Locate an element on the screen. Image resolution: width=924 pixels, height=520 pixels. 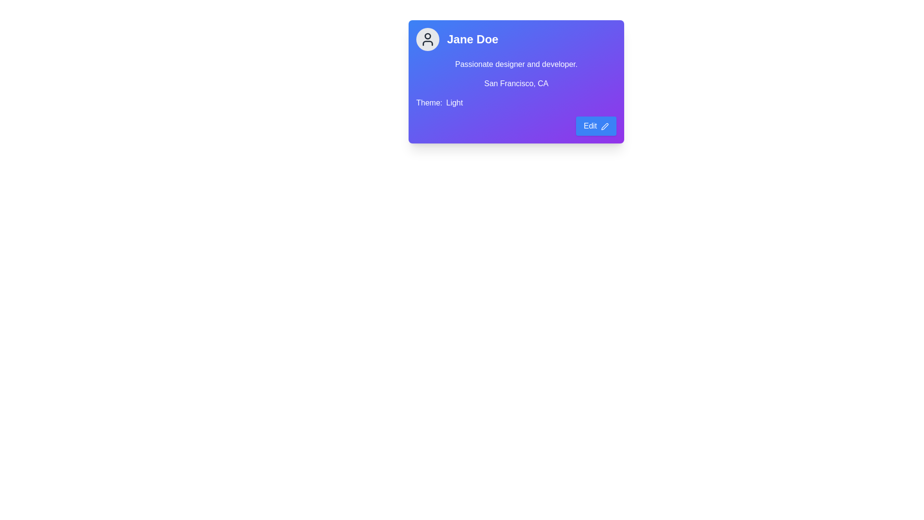
the Avatar Icon located at the top-left corner of the card, to the left of the text 'Jane Doe' is located at coordinates (427, 39).